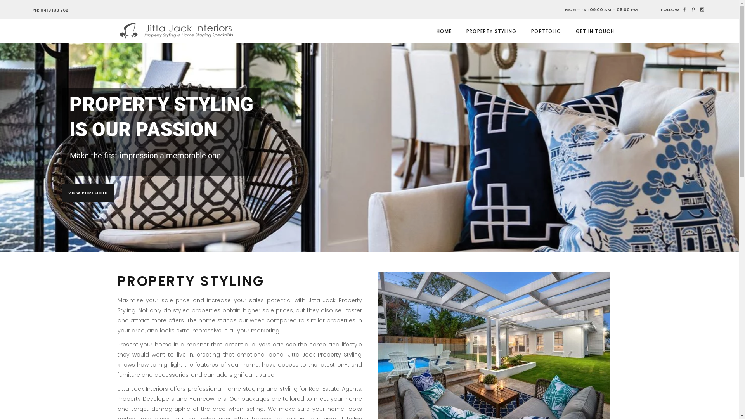  I want to click on 'Property Styling', so click(481, 395).